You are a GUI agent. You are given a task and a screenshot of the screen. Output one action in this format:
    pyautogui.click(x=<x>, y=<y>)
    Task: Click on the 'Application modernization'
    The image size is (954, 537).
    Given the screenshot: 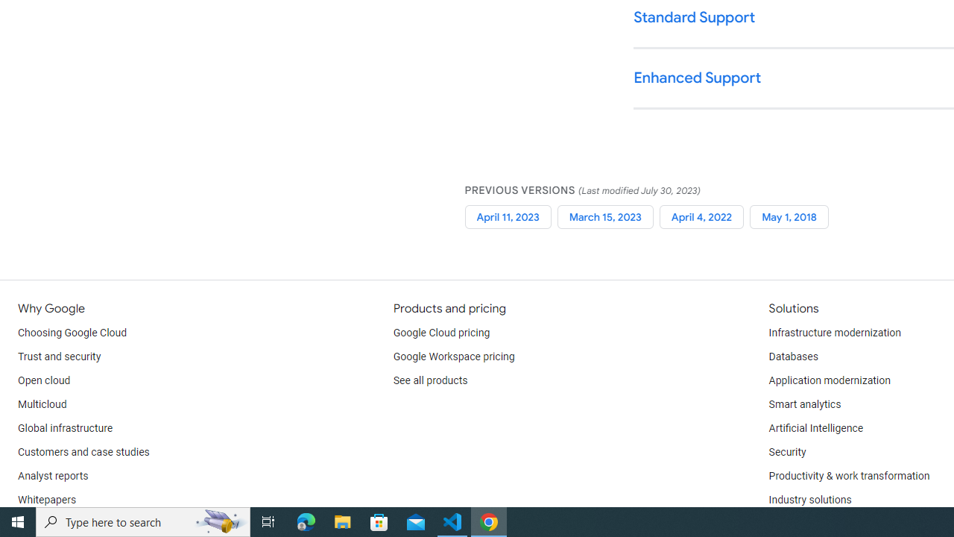 What is the action you would take?
    pyautogui.click(x=828, y=380)
    